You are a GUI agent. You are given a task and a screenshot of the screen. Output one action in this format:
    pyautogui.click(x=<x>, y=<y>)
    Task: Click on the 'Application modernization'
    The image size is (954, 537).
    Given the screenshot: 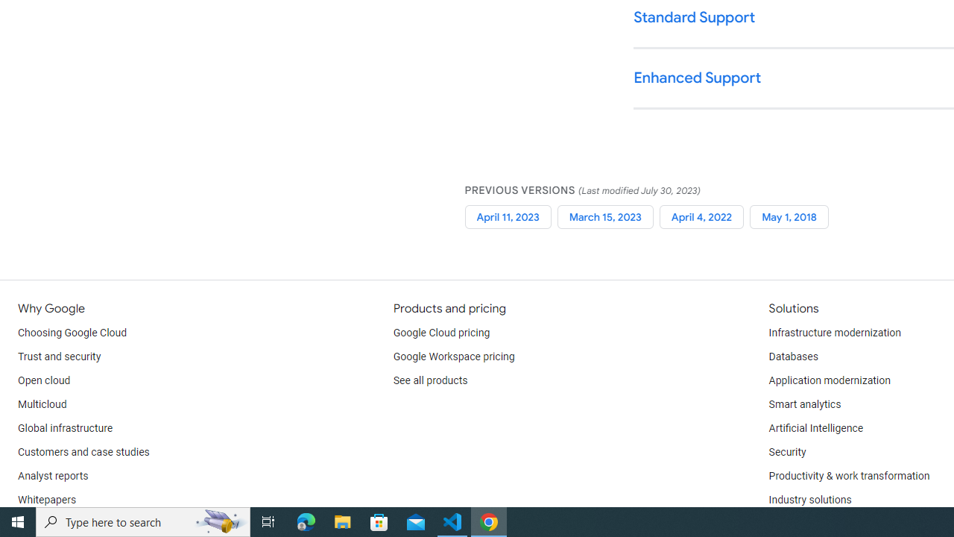 What is the action you would take?
    pyautogui.click(x=828, y=380)
    